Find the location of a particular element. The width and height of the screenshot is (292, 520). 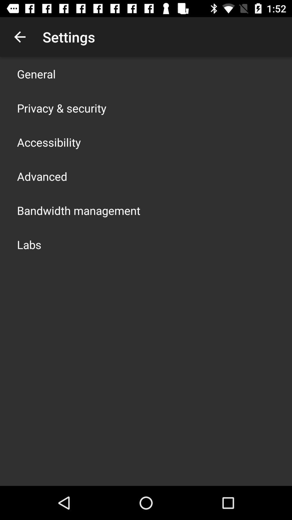

the app above the bandwidth management app is located at coordinates (42, 176).